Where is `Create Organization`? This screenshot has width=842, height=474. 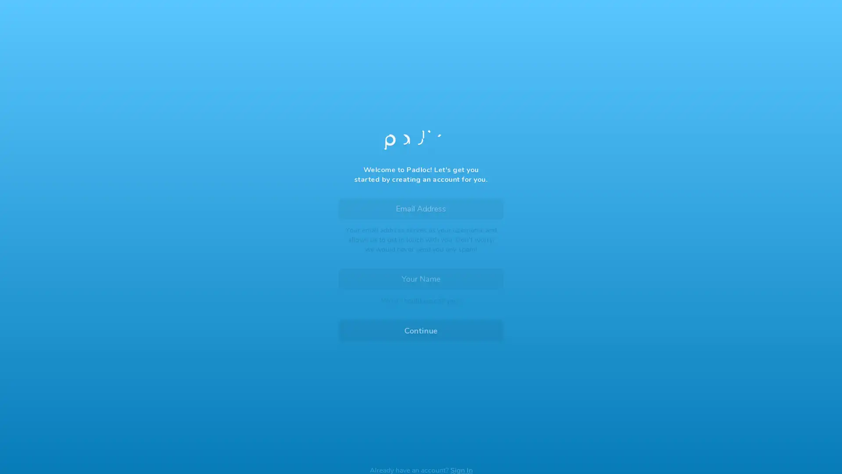
Create Organization is located at coordinates (467, 290).